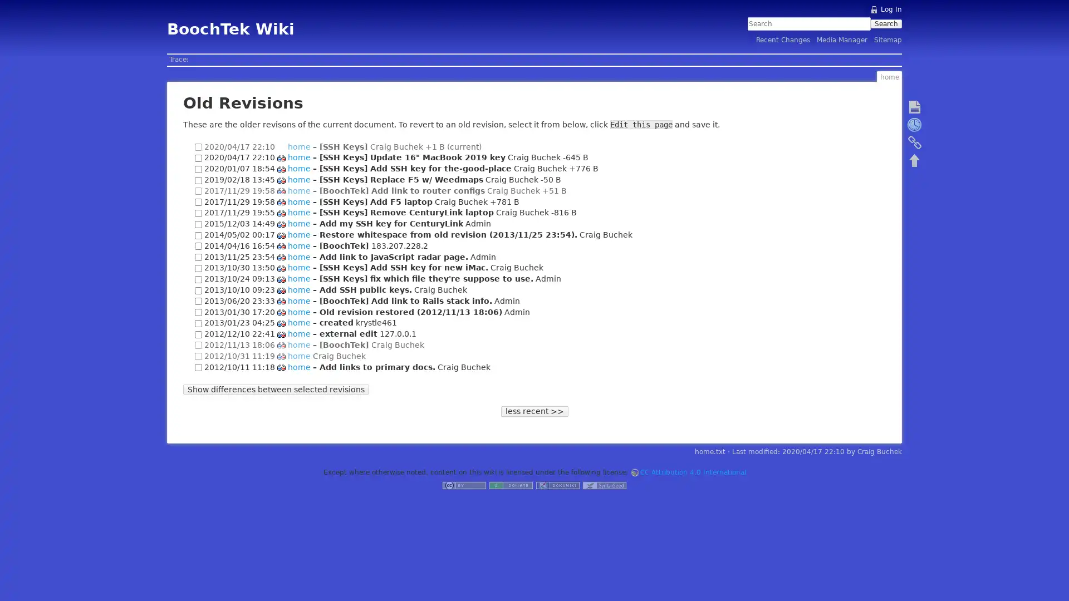 Image resolution: width=1069 pixels, height=601 pixels. I want to click on Show differences between selected revisions, so click(276, 388).